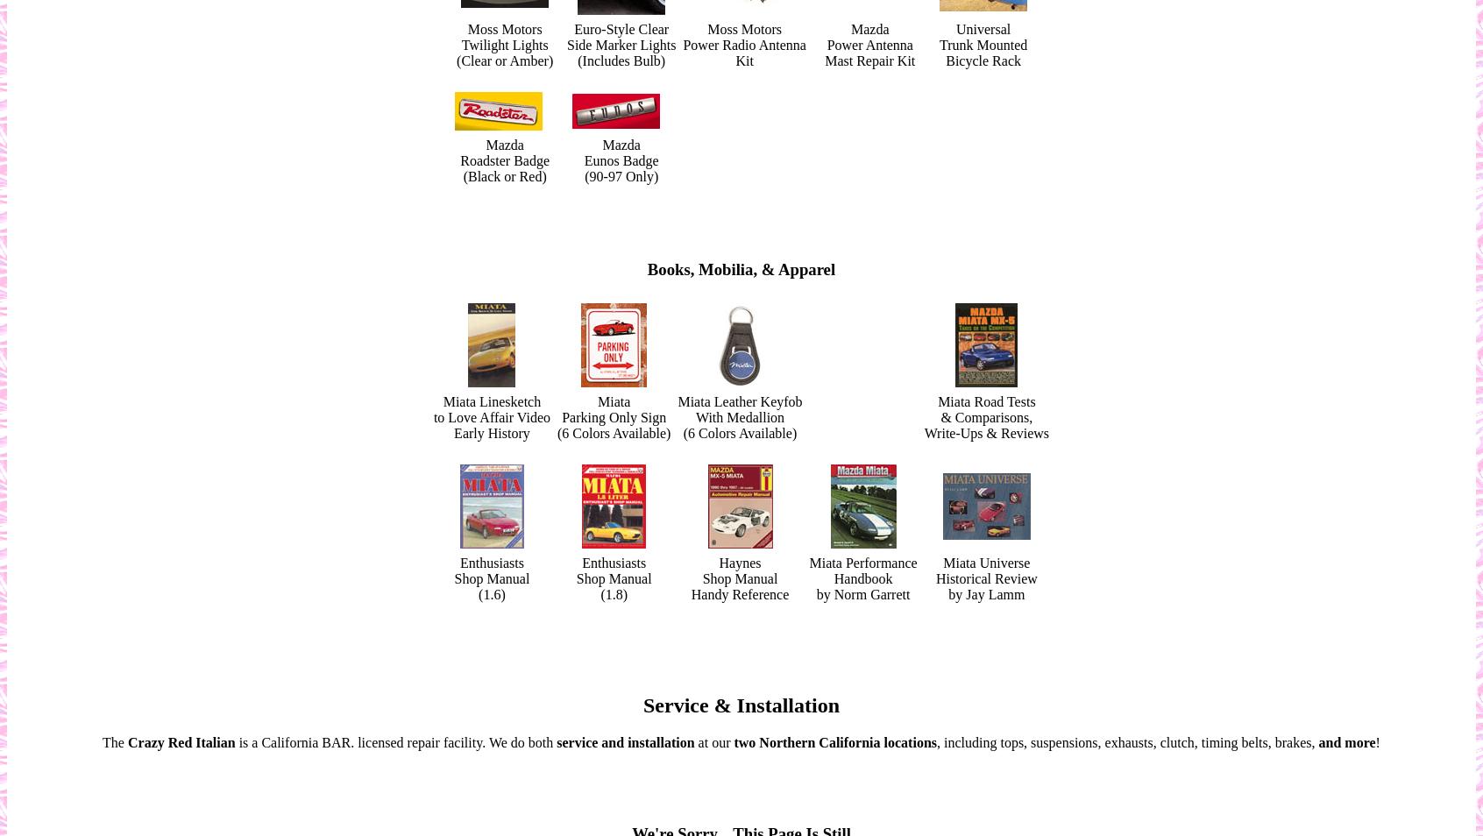 The width and height of the screenshot is (1483, 836). Describe the element at coordinates (620, 175) in the screenshot. I see `'(90-97 Only)'` at that location.